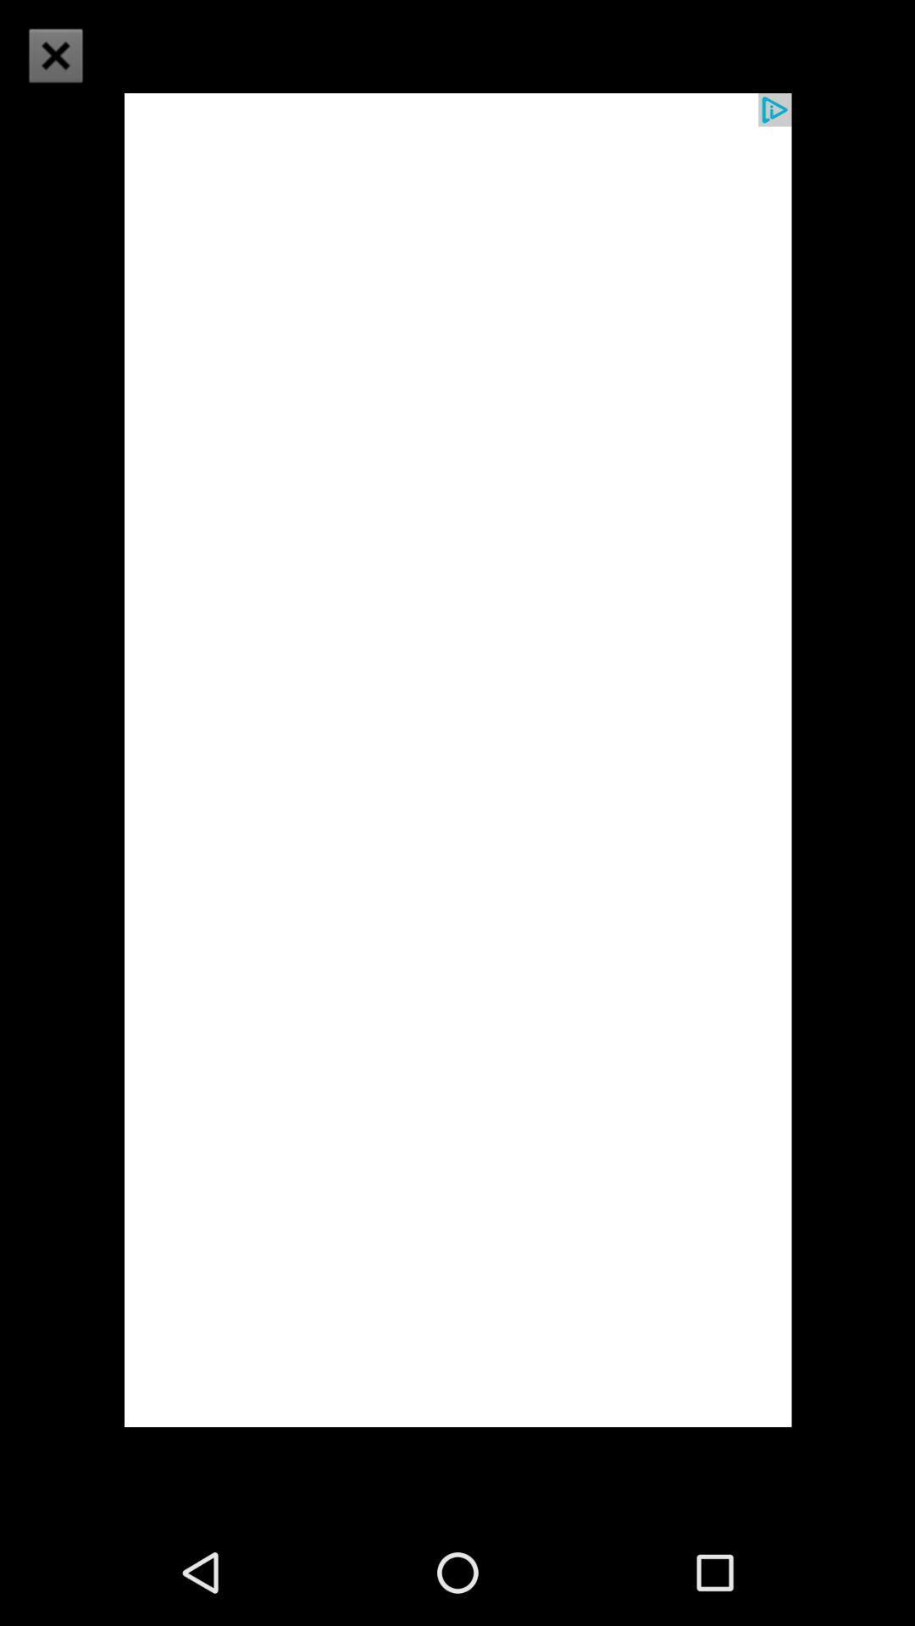 The image size is (915, 1626). Describe the element at coordinates (65, 66) in the screenshot. I see `the item at the top left corner` at that location.